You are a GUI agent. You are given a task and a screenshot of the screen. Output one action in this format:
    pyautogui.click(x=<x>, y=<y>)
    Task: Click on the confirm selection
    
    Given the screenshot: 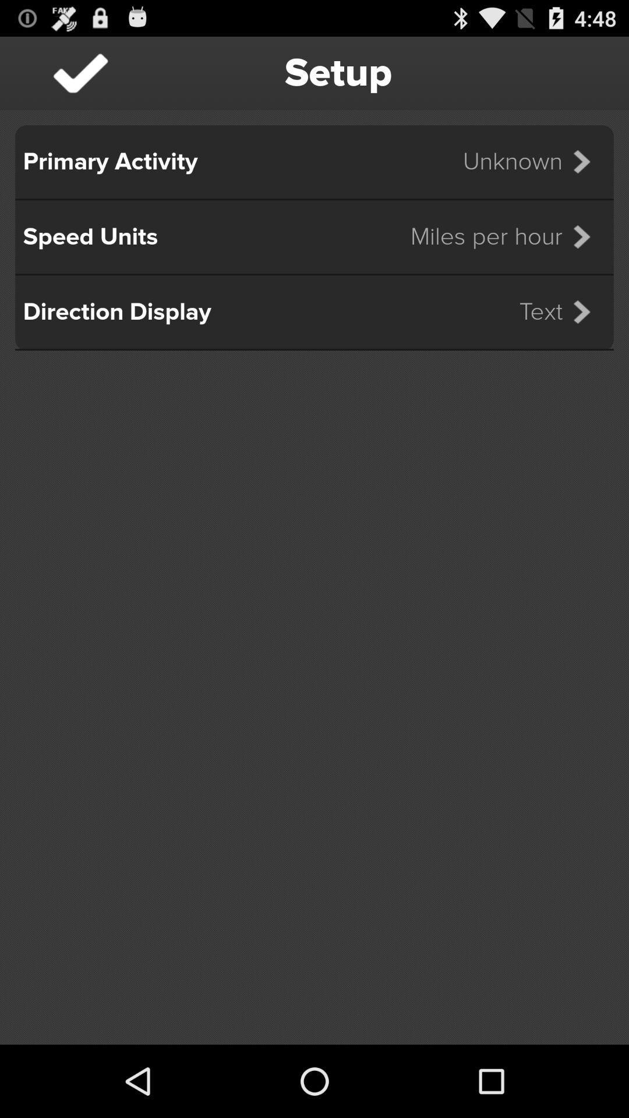 What is the action you would take?
    pyautogui.click(x=80, y=72)
    